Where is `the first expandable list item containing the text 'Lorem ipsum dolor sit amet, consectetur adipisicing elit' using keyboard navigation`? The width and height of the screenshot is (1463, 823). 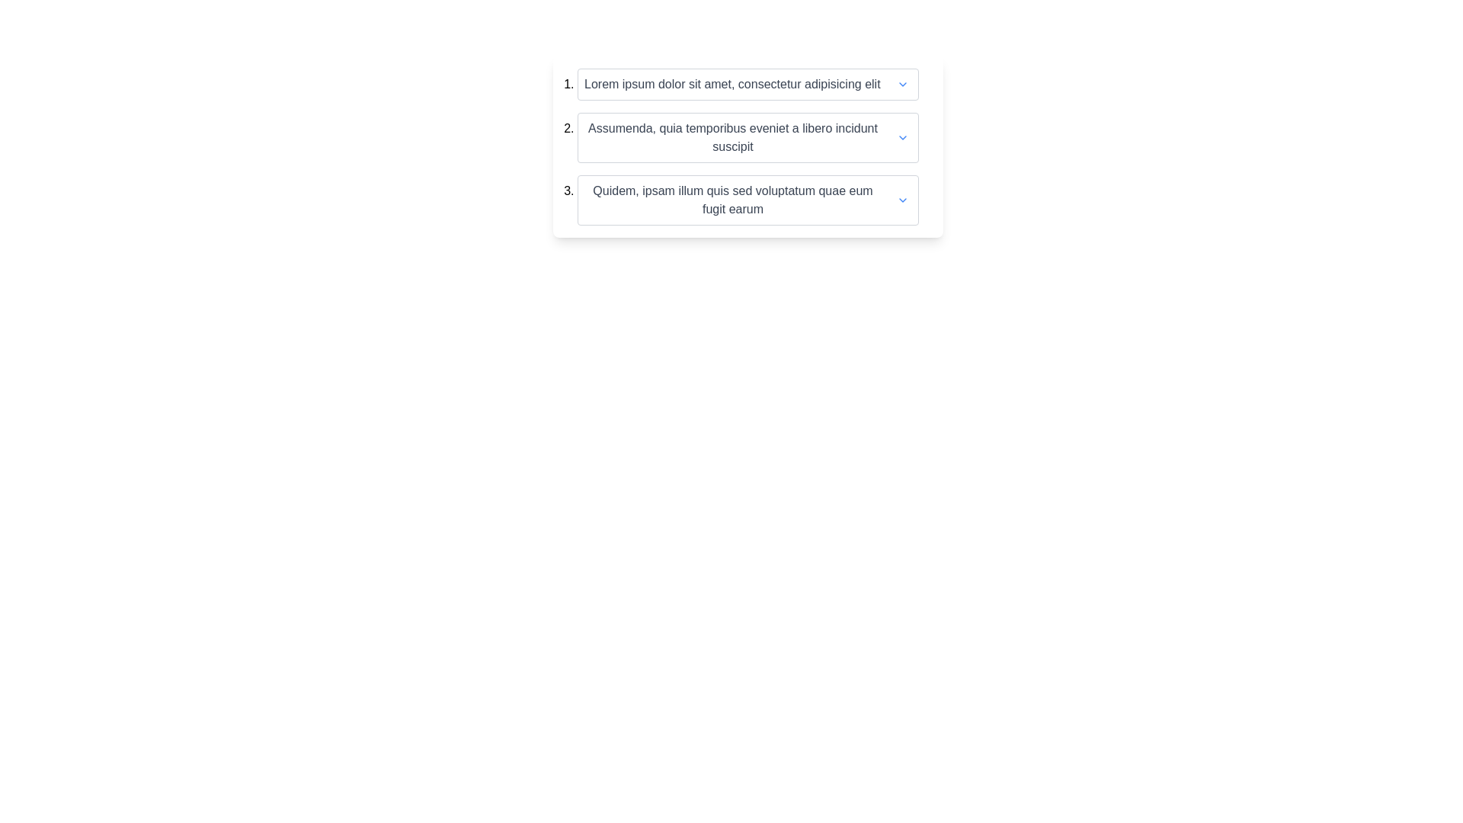
the first expandable list item containing the text 'Lorem ipsum dolor sit amet, consectetur adipisicing elit' using keyboard navigation is located at coordinates (748, 85).